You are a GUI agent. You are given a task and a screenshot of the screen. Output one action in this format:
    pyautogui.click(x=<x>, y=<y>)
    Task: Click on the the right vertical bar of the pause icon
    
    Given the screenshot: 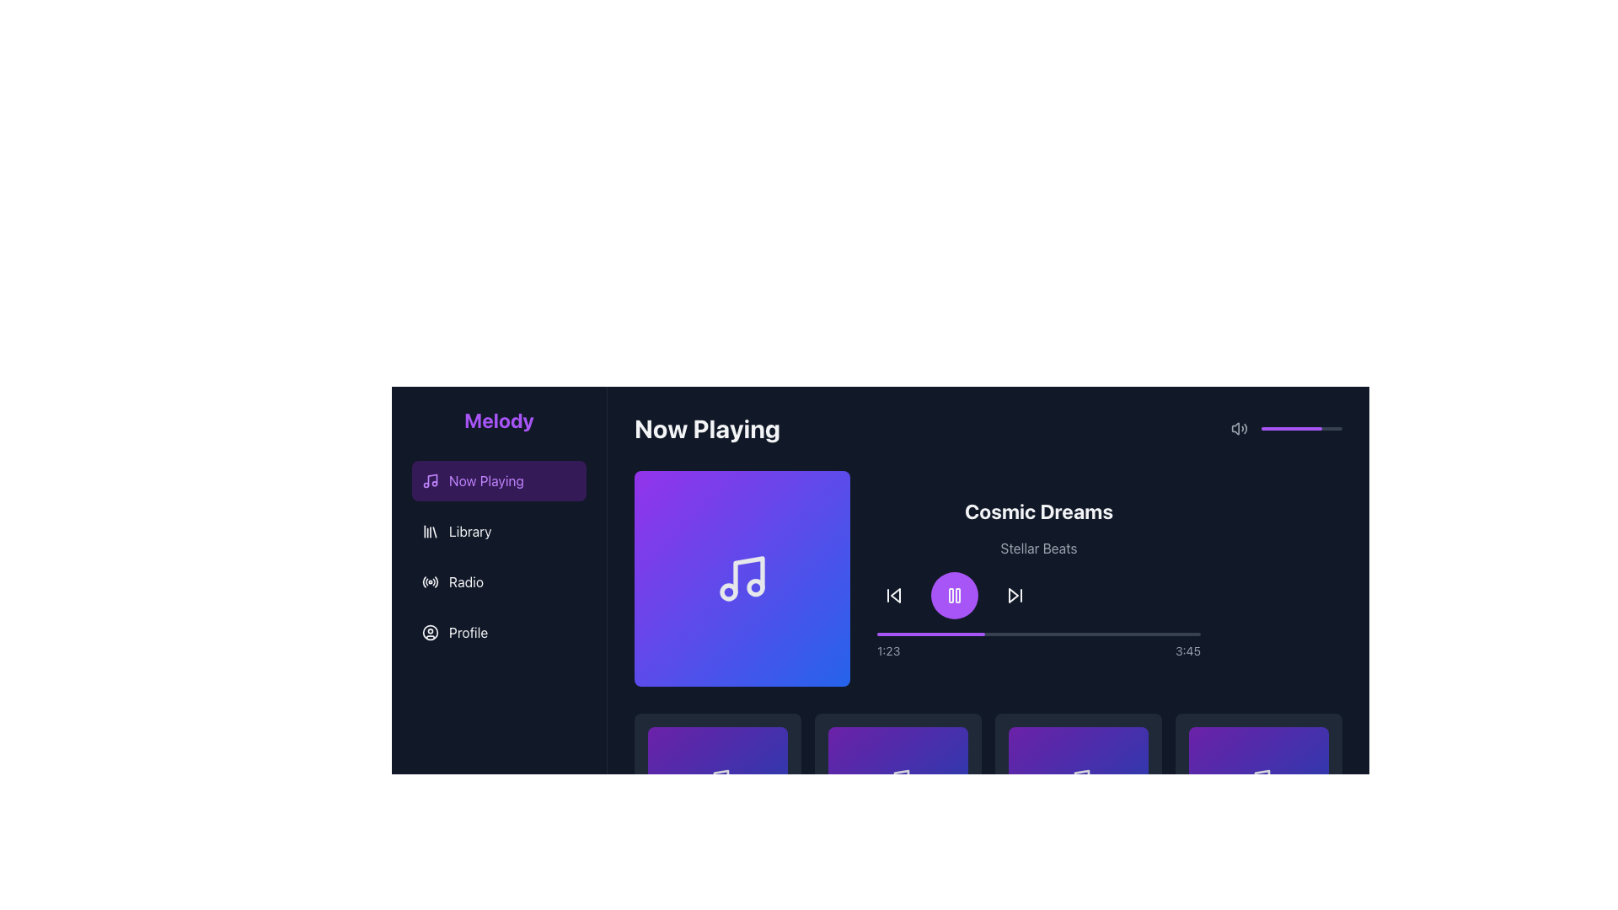 What is the action you would take?
    pyautogui.click(x=958, y=594)
    